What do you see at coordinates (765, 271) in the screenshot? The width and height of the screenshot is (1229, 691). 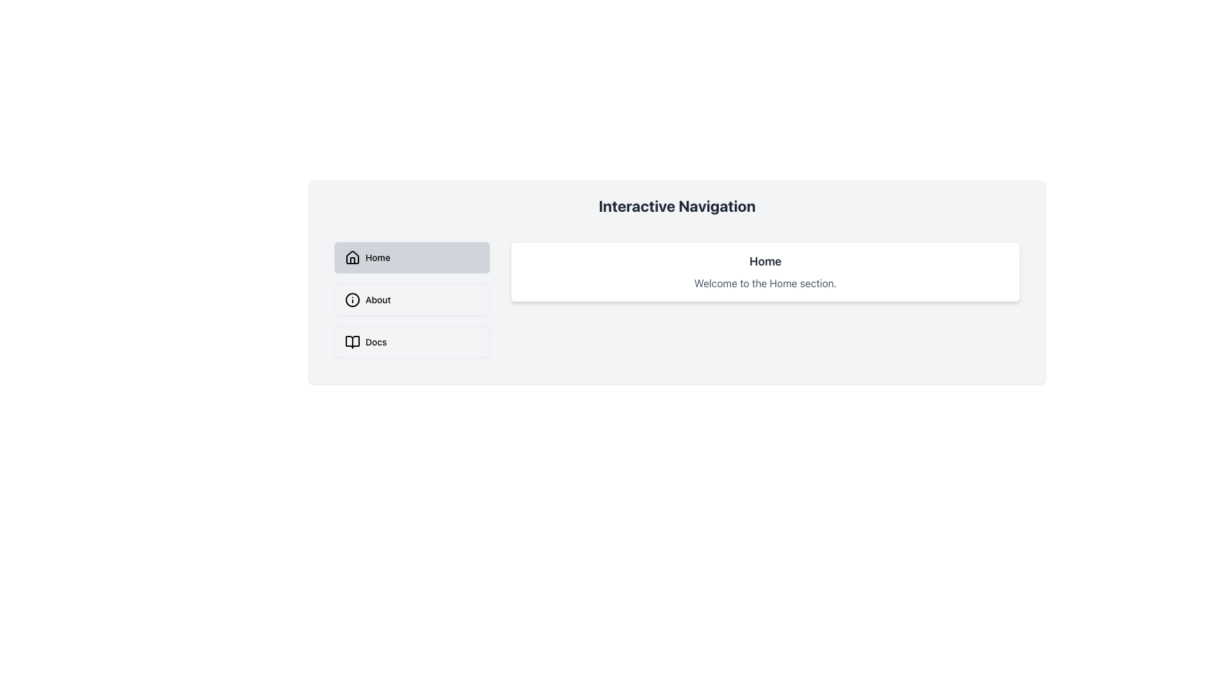 I see `the Text panel containing the title 'Home' and subtitle 'Welcome to the Home section.' which is centrally aligned in the main content area below the header 'Interactive Navigation'` at bounding box center [765, 271].